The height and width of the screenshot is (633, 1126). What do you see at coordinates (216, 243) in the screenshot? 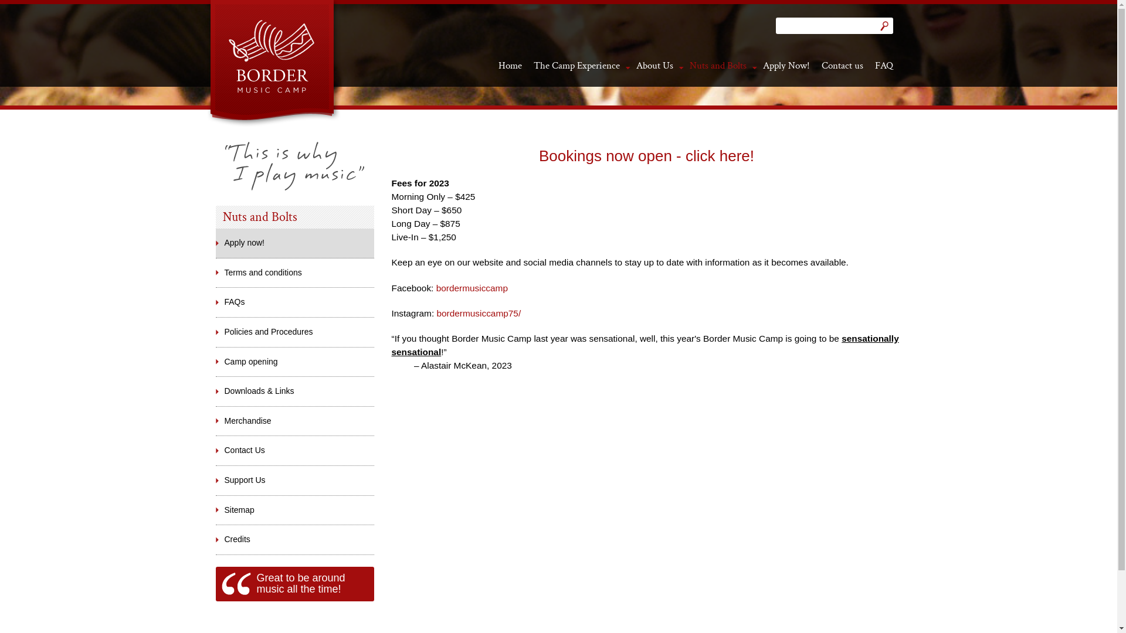
I see `'Apply now!'` at bounding box center [216, 243].